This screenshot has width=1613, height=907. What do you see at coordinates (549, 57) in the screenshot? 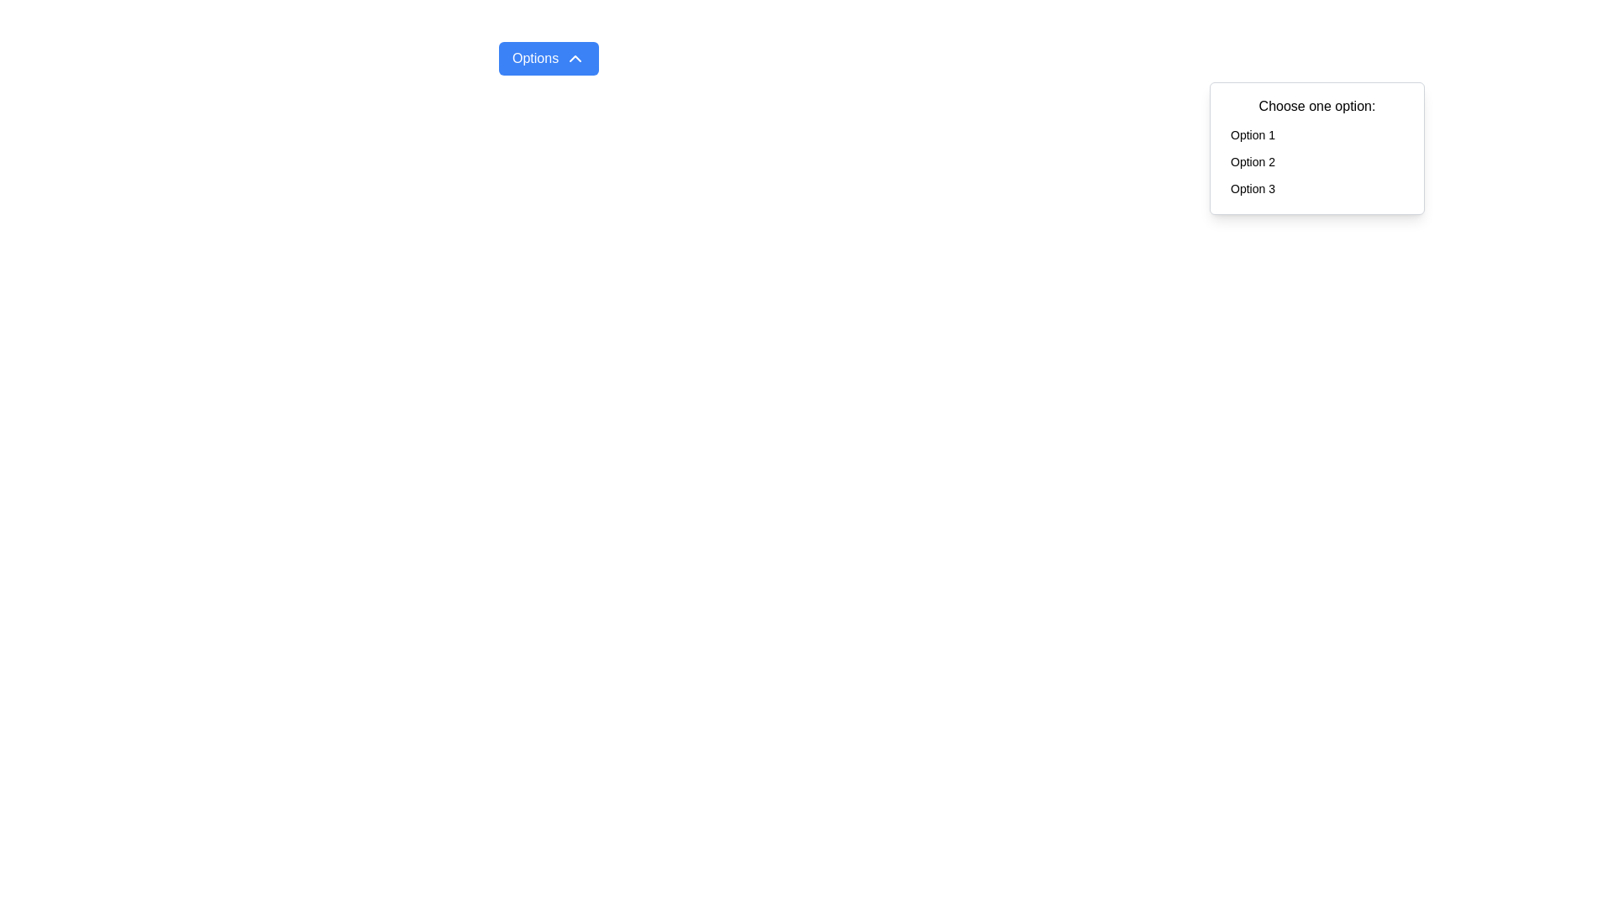
I see `the button located in the top-left section of the interface` at bounding box center [549, 57].